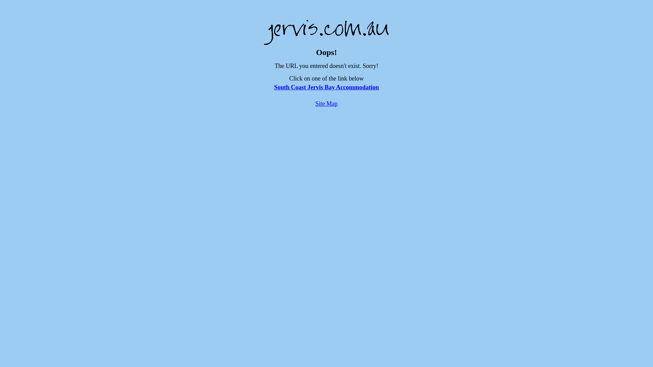  I want to click on 'South Coast Jervis Bay Accommodation', so click(274, 87).